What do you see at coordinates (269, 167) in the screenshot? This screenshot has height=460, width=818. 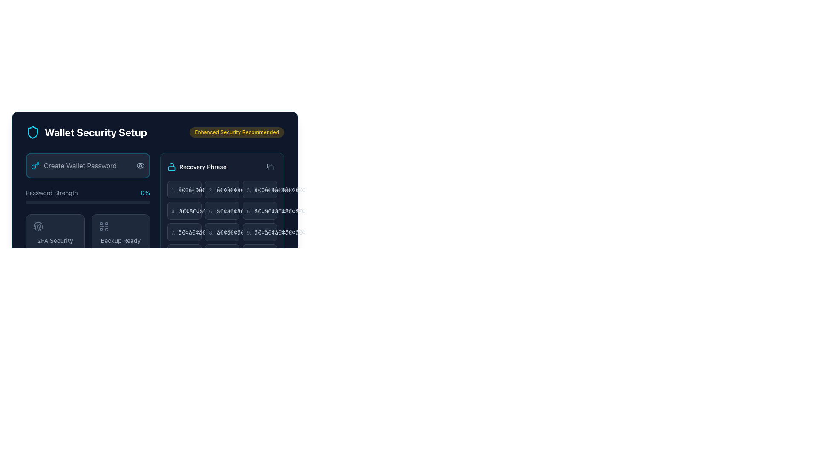 I see `the button styled as a square with a dark background and an icon of two overlapping rectangles, located at the top-right corner of the 'Recovery Phrase' section` at bounding box center [269, 167].